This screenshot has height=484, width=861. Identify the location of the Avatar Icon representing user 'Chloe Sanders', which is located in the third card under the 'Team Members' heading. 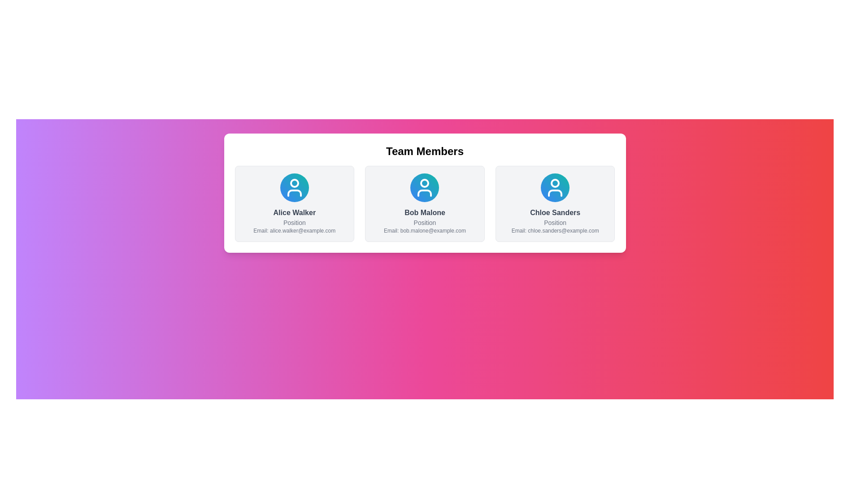
(555, 182).